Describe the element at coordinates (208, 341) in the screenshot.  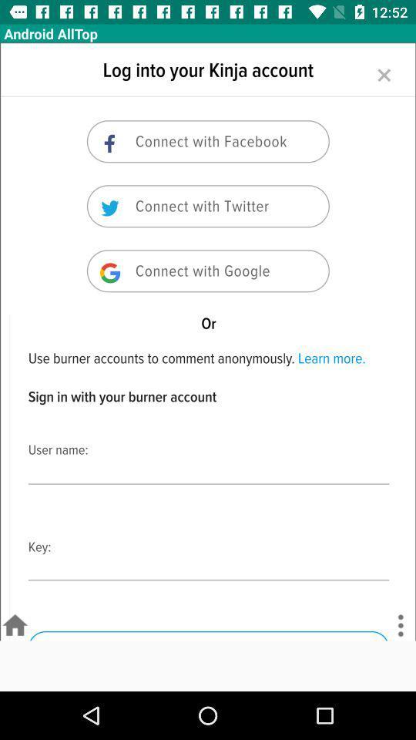
I see `window screen` at that location.